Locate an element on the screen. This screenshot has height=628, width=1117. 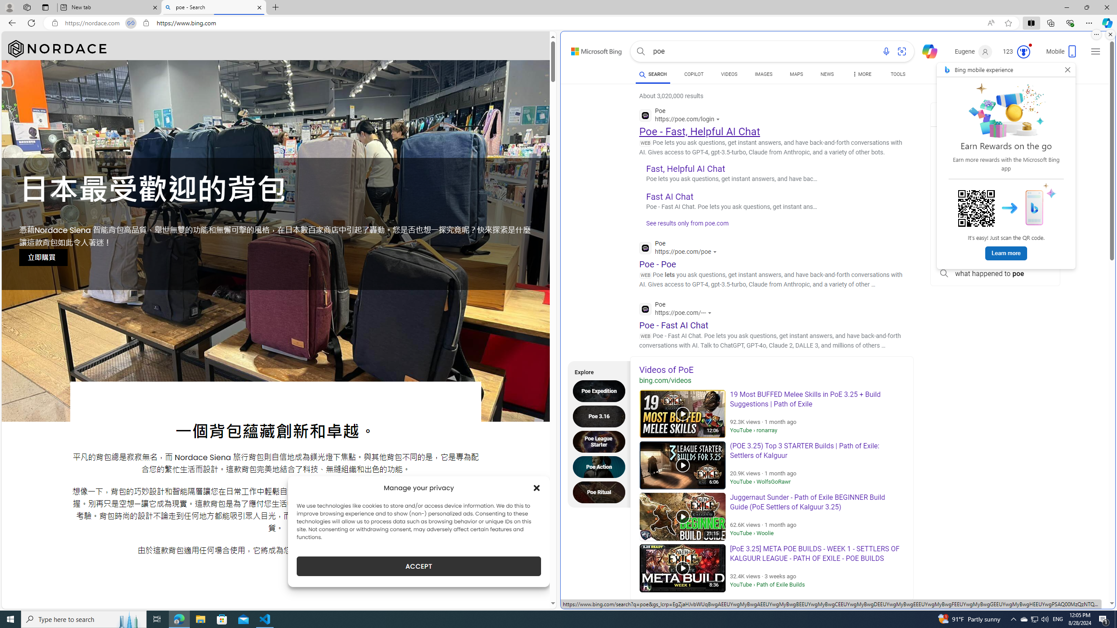
'VIDEOS' is located at coordinates (729, 75).